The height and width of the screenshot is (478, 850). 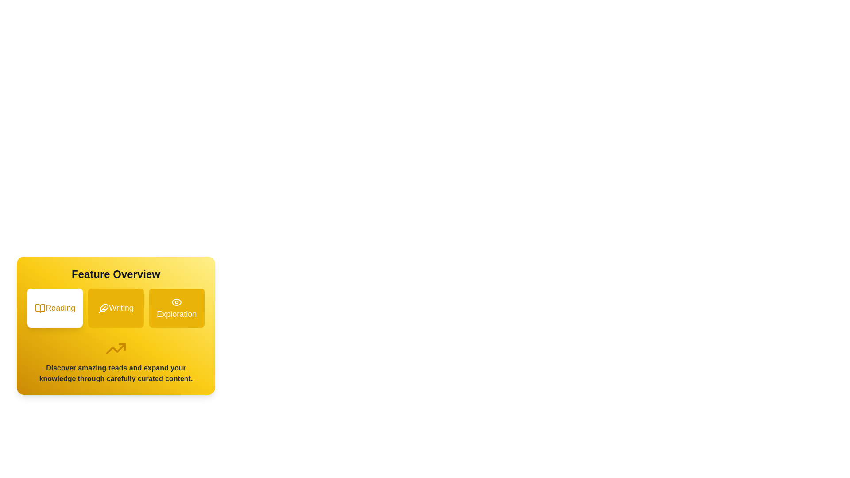 What do you see at coordinates (104, 308) in the screenshot?
I see `the 'Writing' icon, which is positioned to the left of the 'Writing' label in the middle section of the feature overview card` at bounding box center [104, 308].